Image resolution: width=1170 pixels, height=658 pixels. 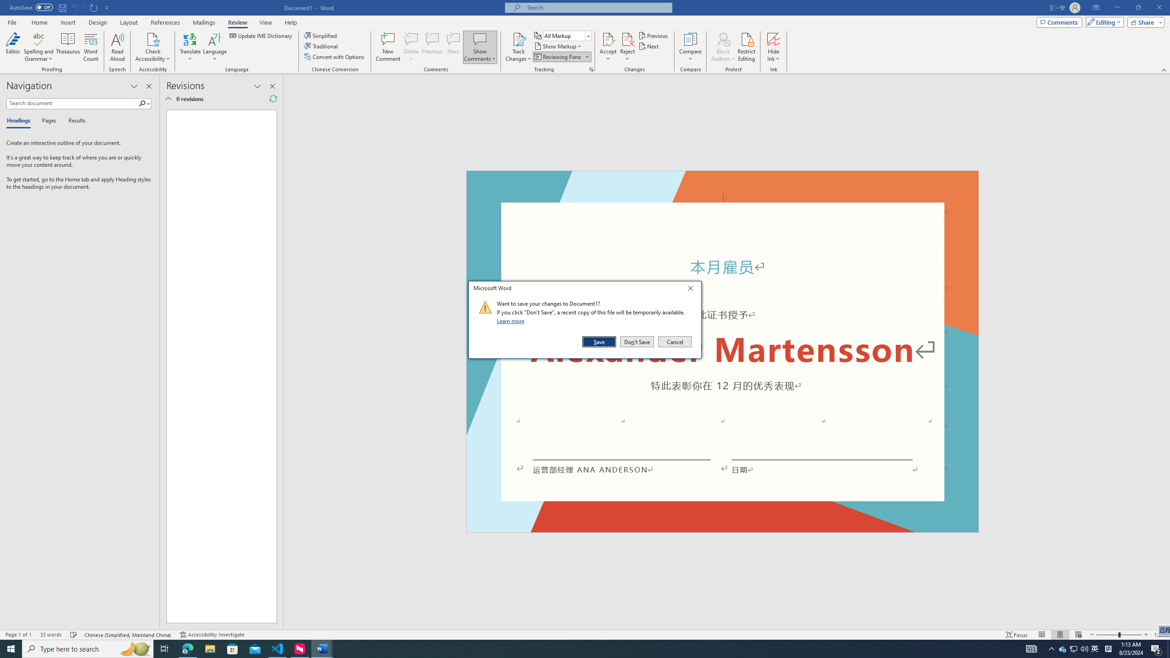 I want to click on 'Zoom In', so click(x=1146, y=635).